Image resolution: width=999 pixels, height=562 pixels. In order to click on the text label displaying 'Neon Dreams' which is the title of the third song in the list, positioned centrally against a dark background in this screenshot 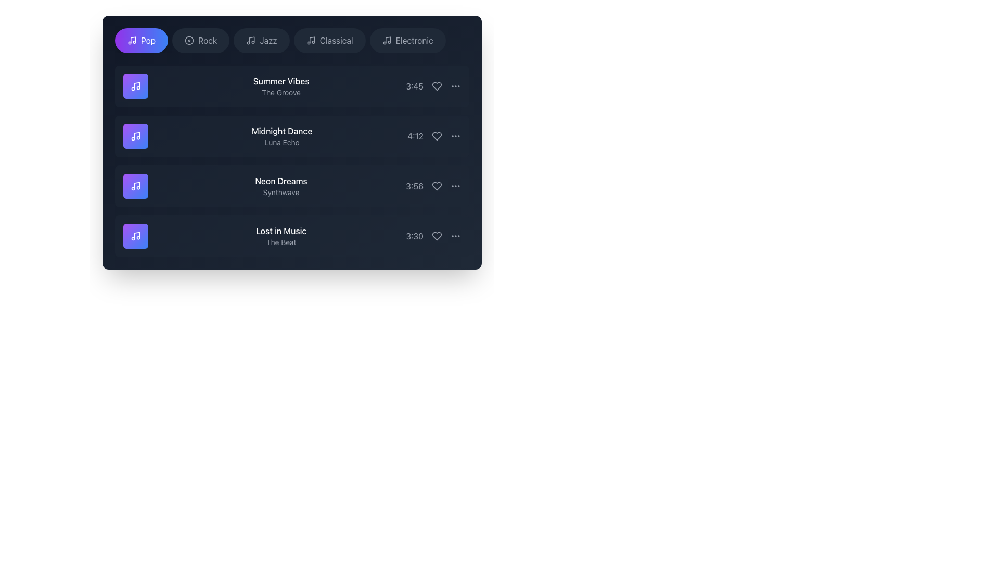, I will do `click(281, 180)`.